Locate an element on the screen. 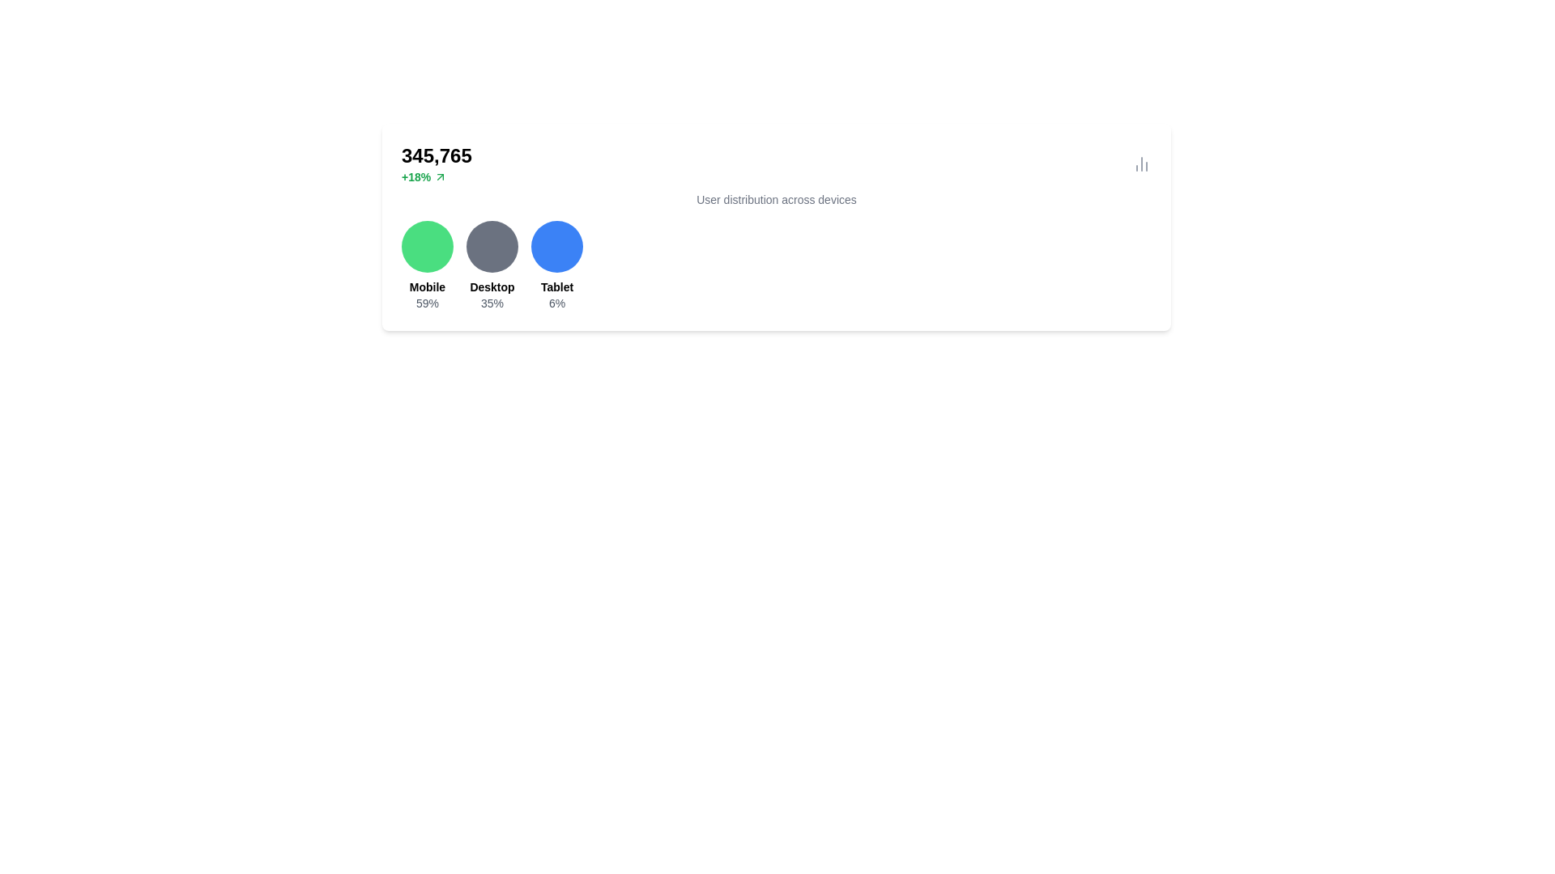 The width and height of the screenshot is (1555, 874). text of the circular blue icon labeled 'Tablet' with the percentage '6%' below it, which is the third entry in the data visualization component is located at coordinates (556, 265).